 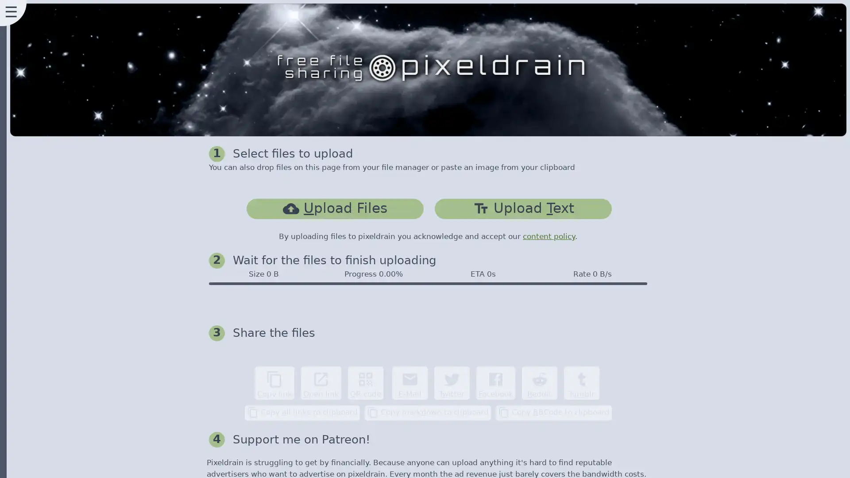 What do you see at coordinates (600, 382) in the screenshot?
I see `Reddit` at bounding box center [600, 382].